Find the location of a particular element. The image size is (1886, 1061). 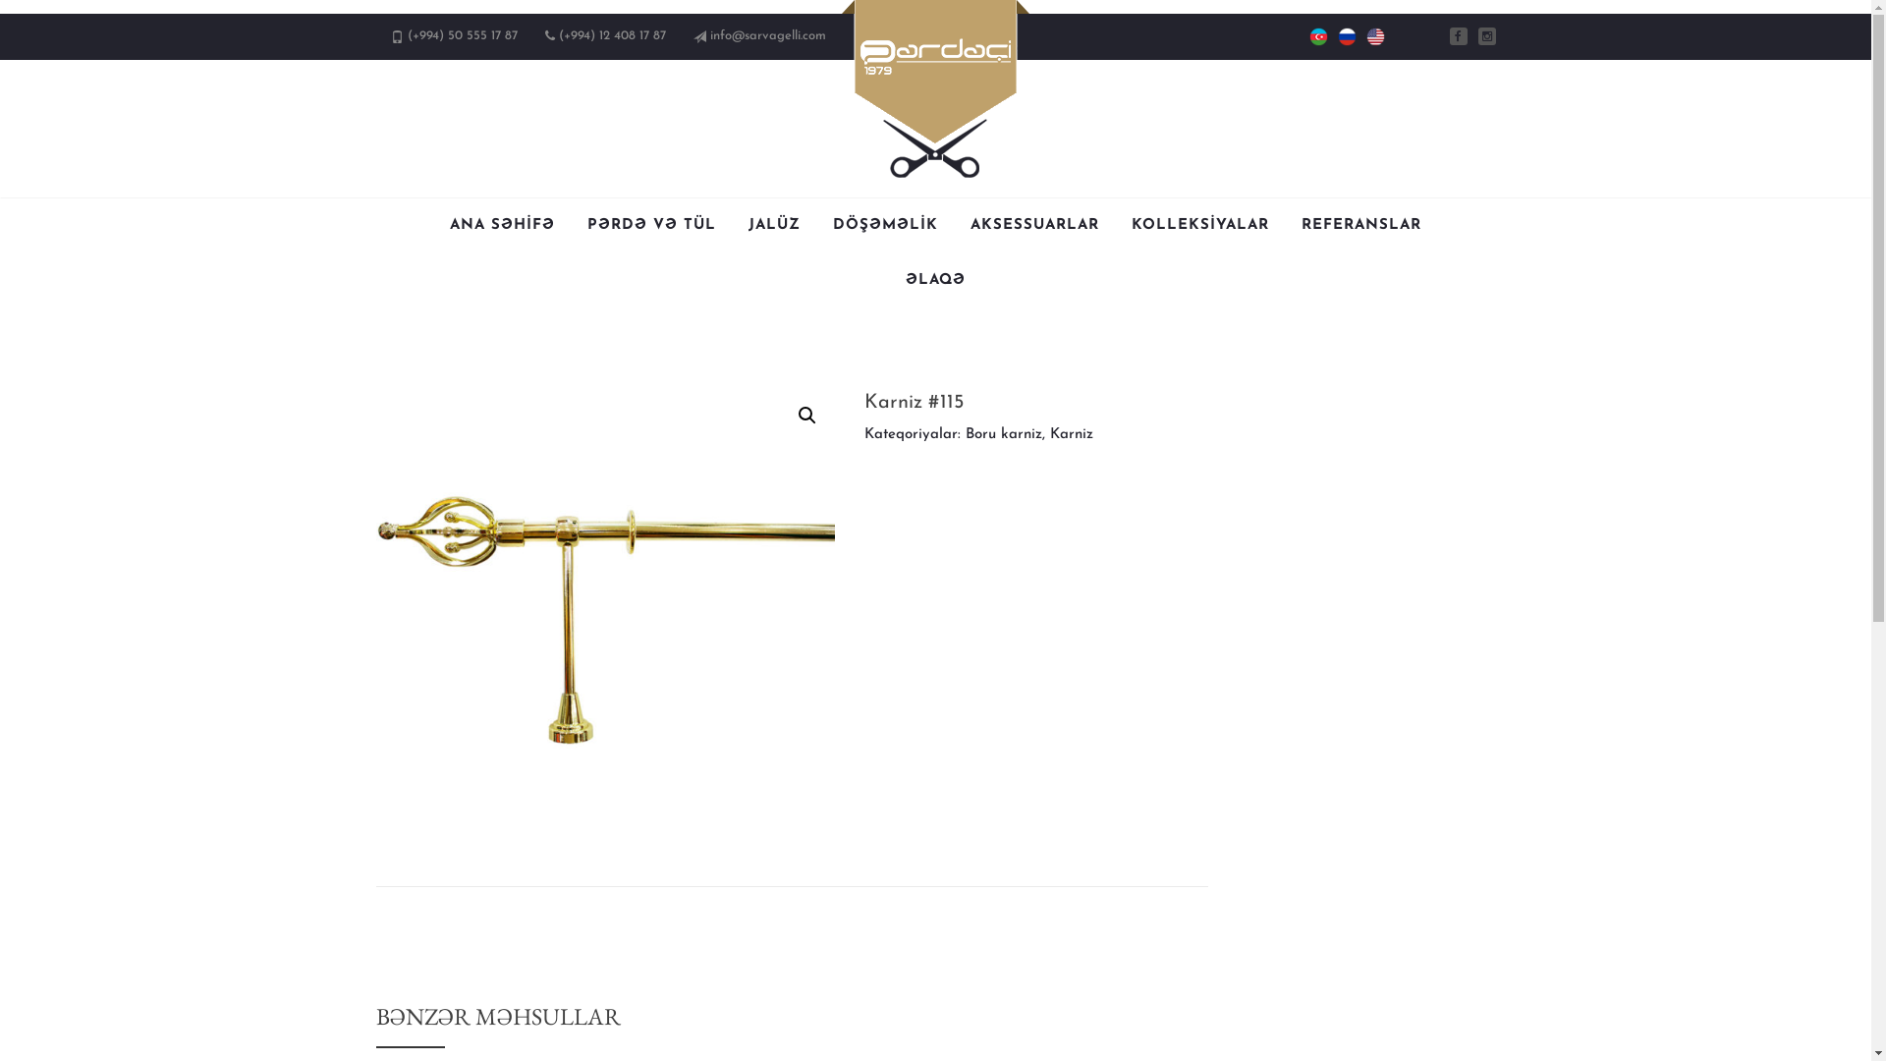

'REFERANSLAR' is located at coordinates (1301, 225).